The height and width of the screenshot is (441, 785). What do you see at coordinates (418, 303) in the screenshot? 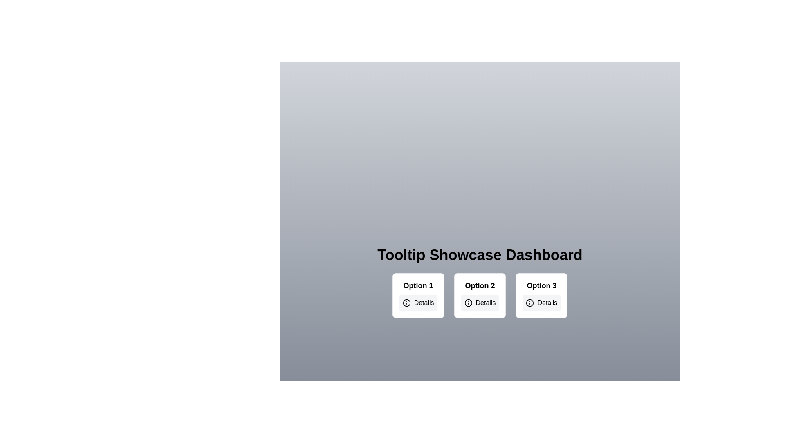
I see `the 'Details' button with an info icon located in the first box labeled 'Option 1'` at bounding box center [418, 303].